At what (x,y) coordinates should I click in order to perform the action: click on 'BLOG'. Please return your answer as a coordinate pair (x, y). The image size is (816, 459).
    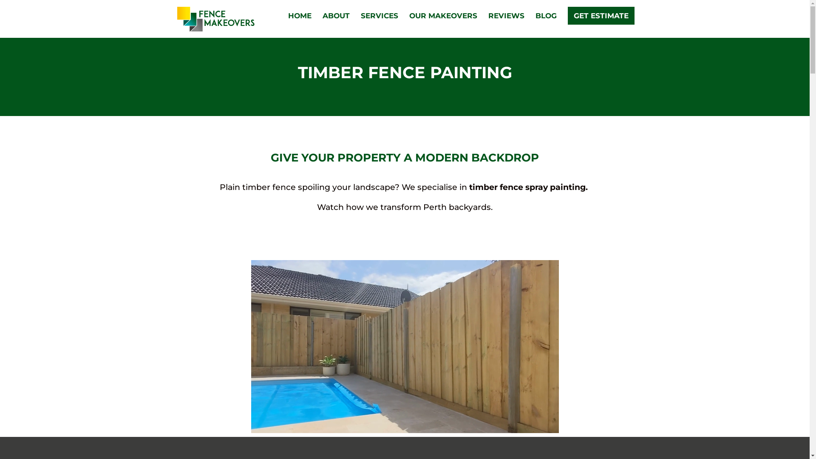
    Looking at the image, I should click on (535, 25).